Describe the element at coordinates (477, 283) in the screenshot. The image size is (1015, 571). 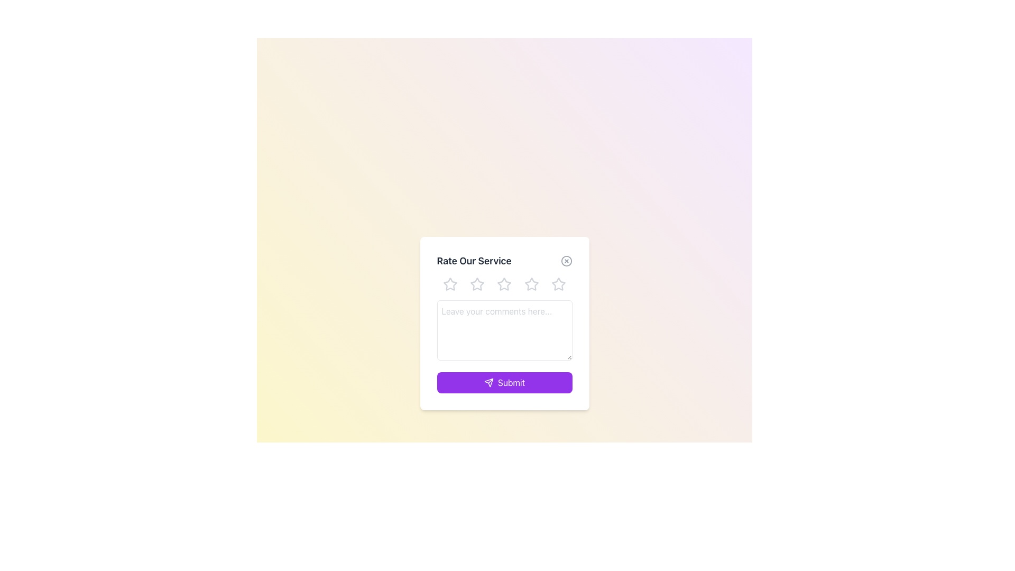
I see `the second star from the left in the rating section below the text 'Rate Our Service'` at that location.